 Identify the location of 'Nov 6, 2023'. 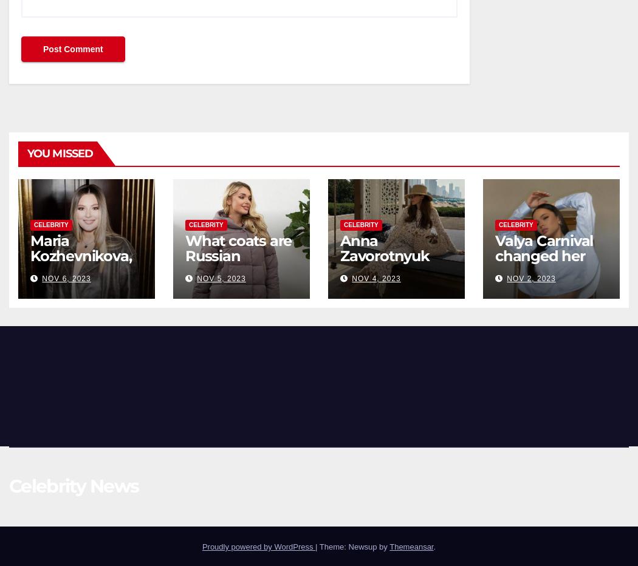
(66, 278).